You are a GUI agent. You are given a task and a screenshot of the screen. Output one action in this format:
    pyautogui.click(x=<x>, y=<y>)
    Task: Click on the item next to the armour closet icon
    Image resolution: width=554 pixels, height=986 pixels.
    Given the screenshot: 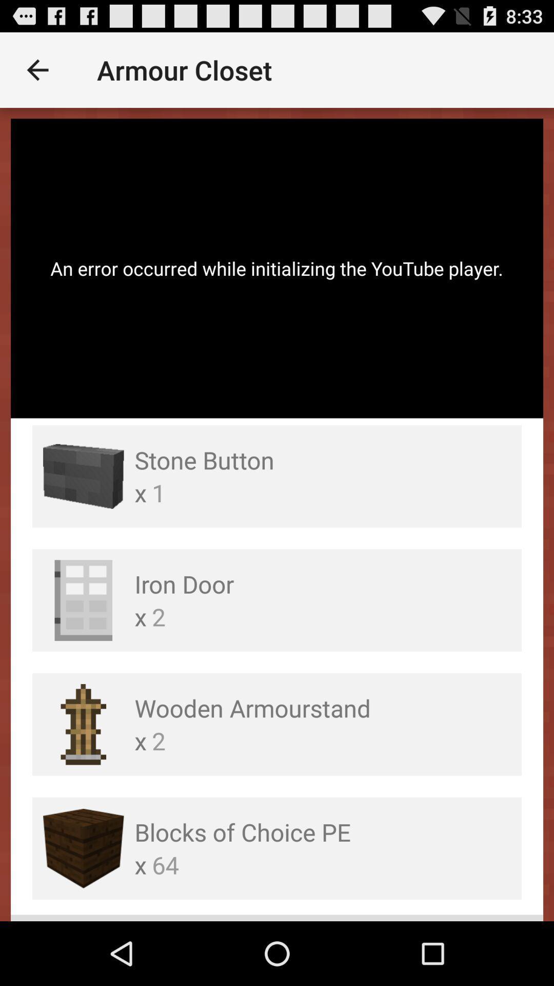 What is the action you would take?
    pyautogui.click(x=37, y=69)
    